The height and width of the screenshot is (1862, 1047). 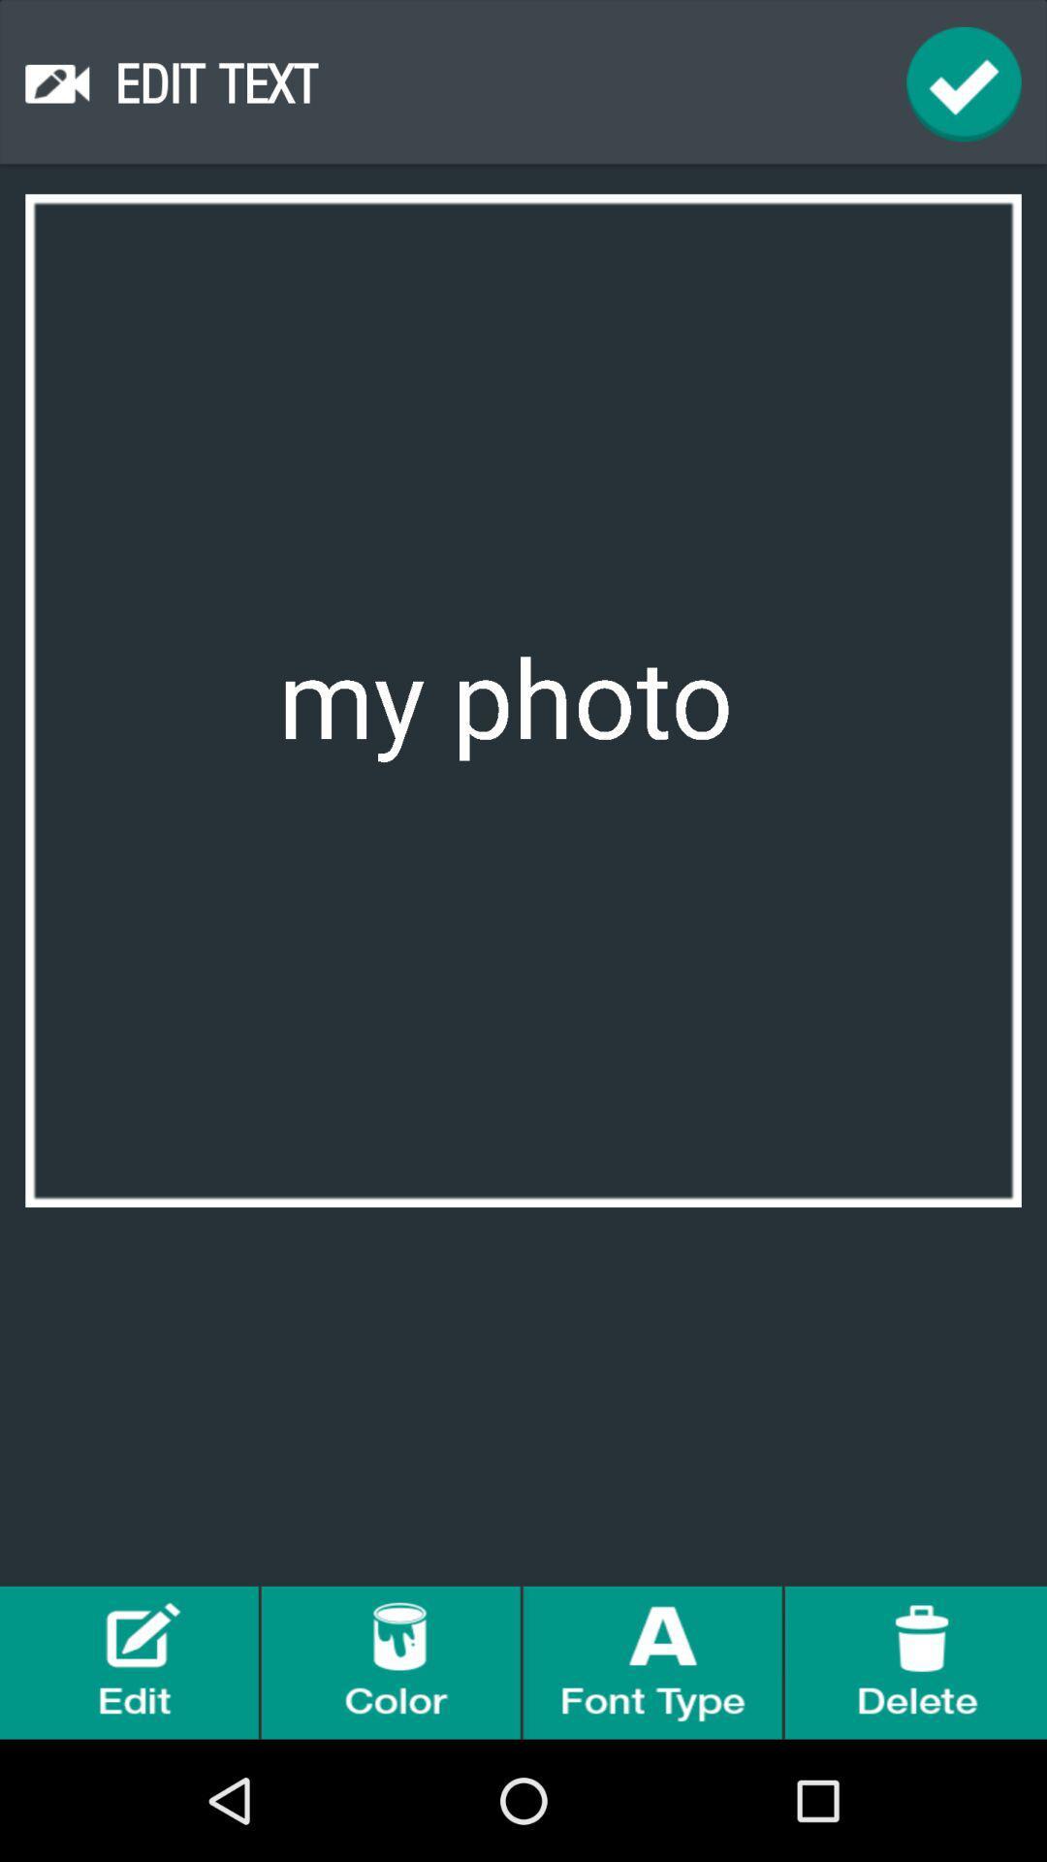 What do you see at coordinates (131, 1661) in the screenshot?
I see `edit` at bounding box center [131, 1661].